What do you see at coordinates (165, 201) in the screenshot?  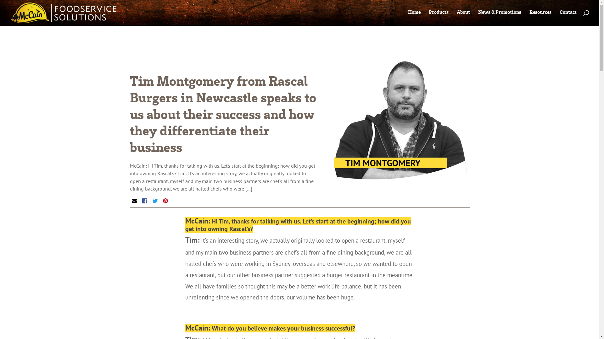 I see `'Pin It'` at bounding box center [165, 201].